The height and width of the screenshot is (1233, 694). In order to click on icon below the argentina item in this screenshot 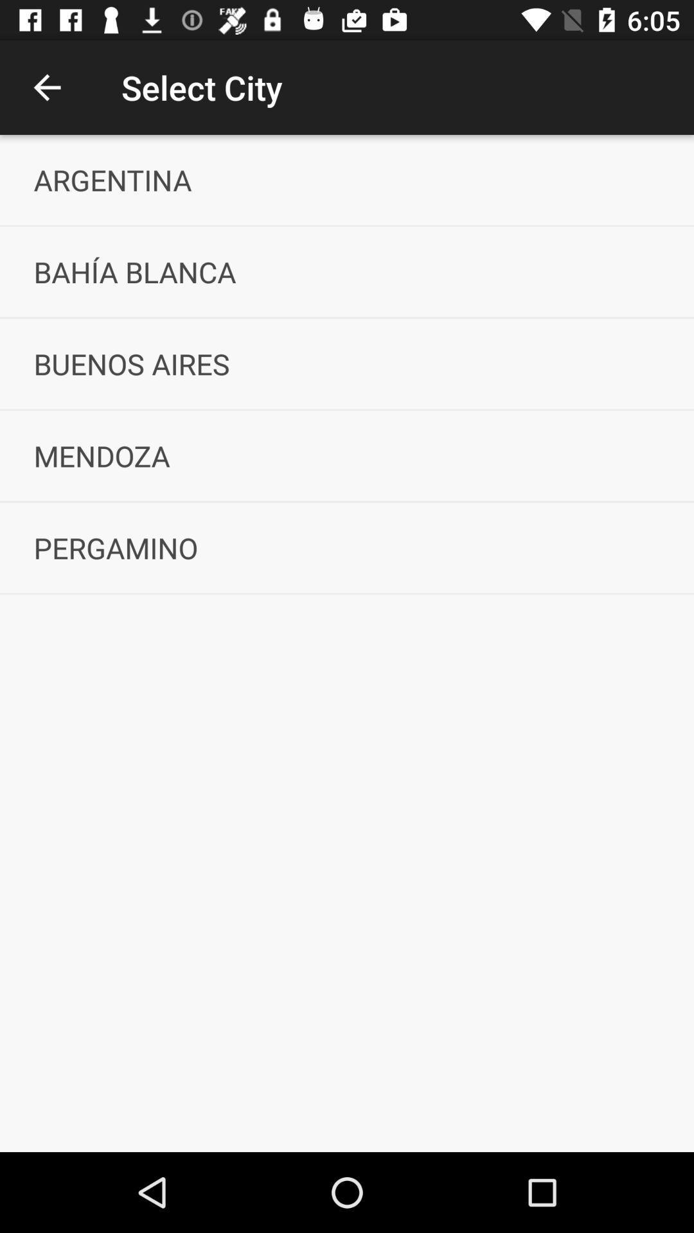, I will do `click(347, 271)`.